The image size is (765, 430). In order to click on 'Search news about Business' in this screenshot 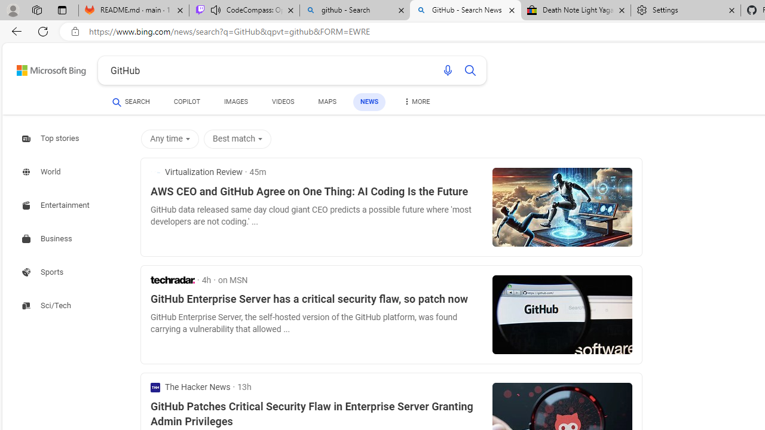, I will do `click(48, 239)`.